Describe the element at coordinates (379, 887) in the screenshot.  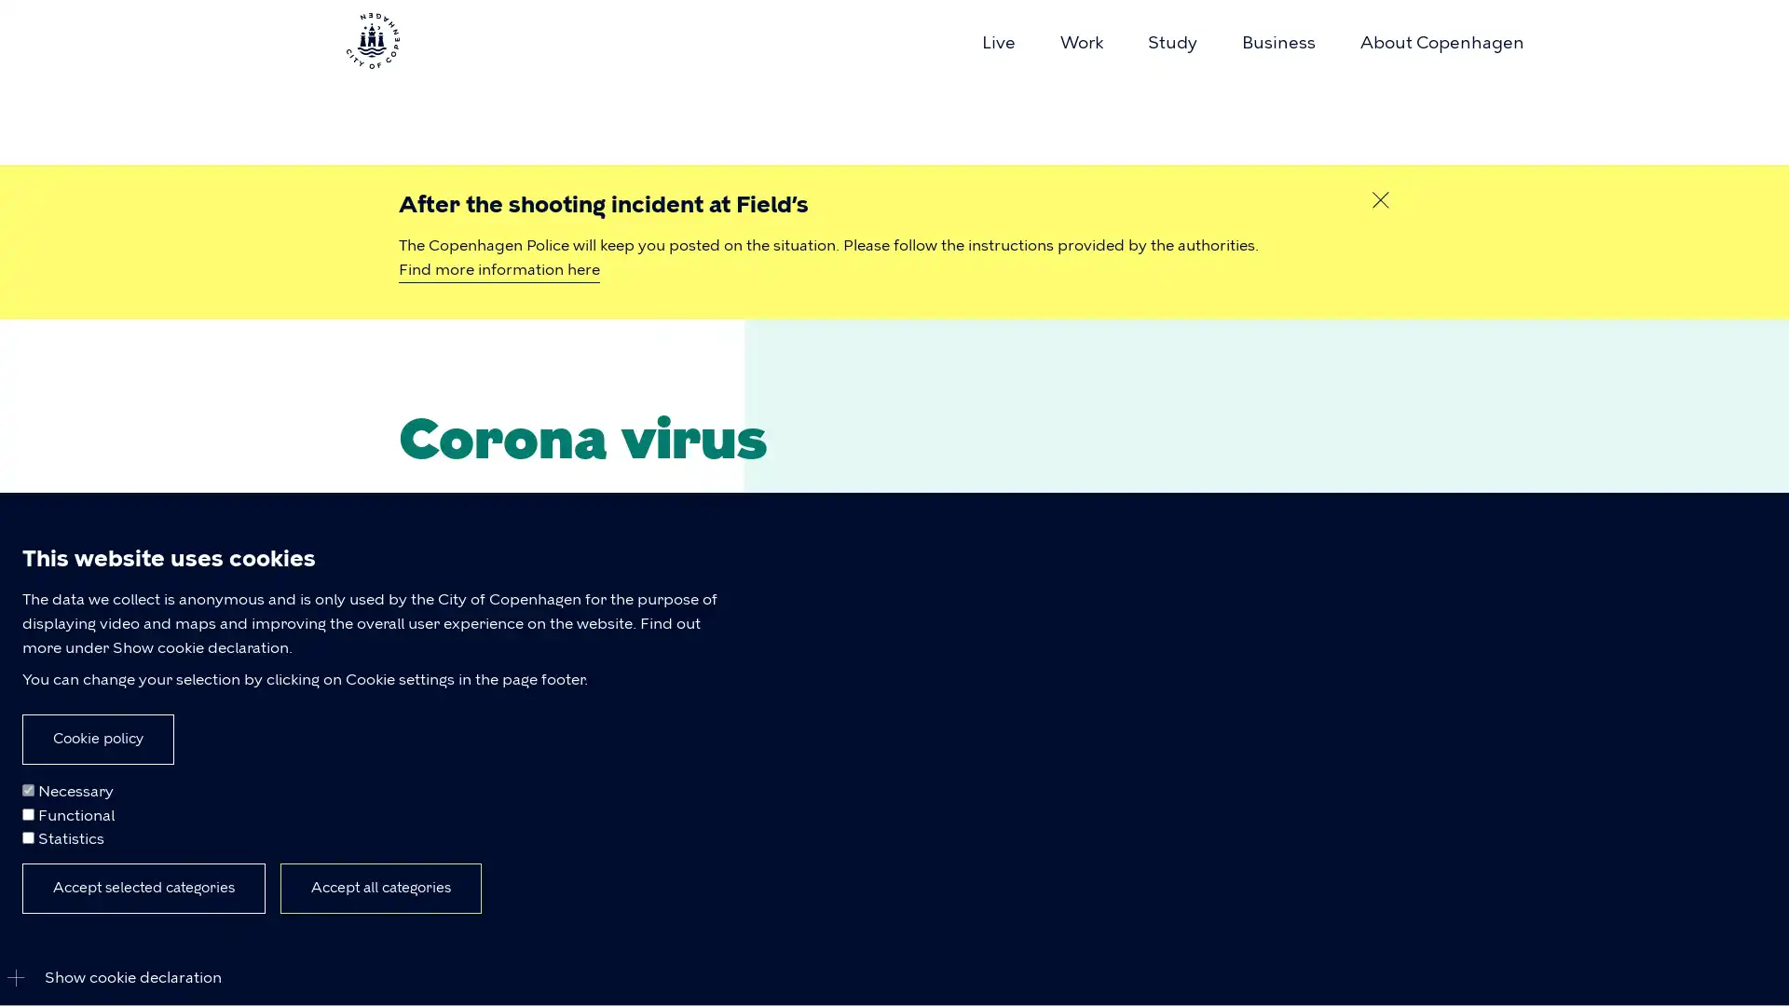
I see `Accept all categories` at that location.